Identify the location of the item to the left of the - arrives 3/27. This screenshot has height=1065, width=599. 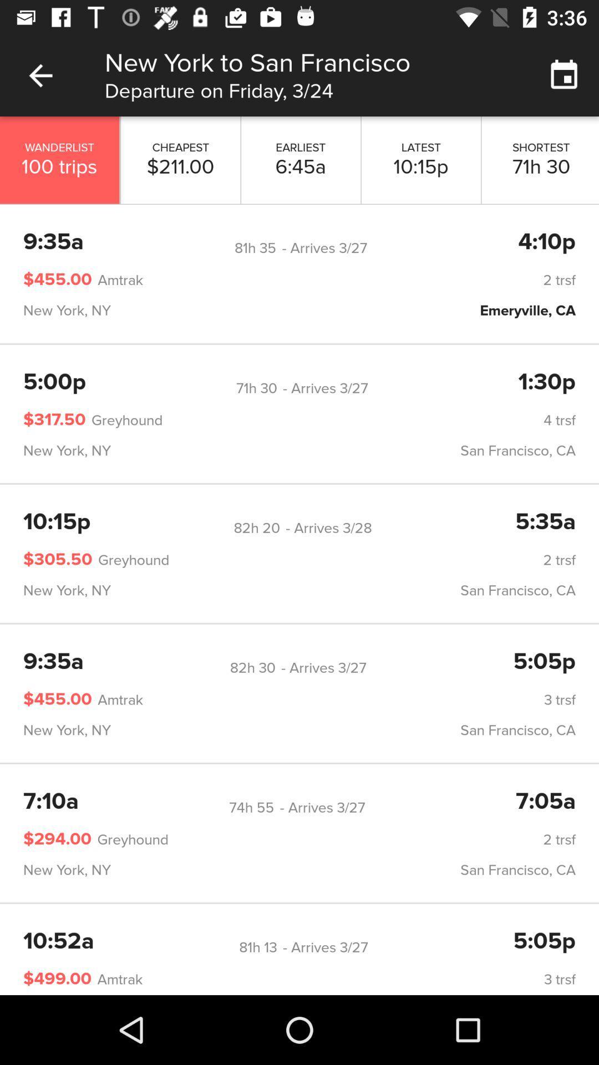
(252, 667).